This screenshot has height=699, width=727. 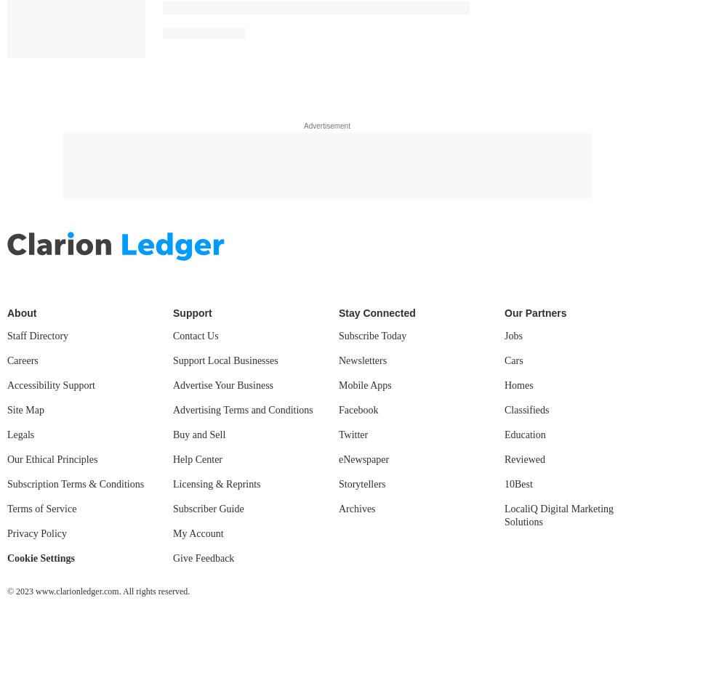 What do you see at coordinates (41, 507) in the screenshot?
I see `'Terms of Service'` at bounding box center [41, 507].